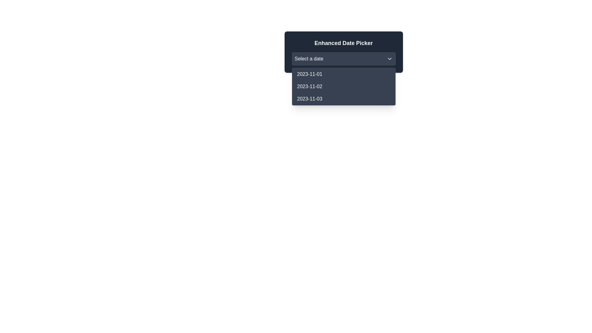 This screenshot has width=592, height=333. What do you see at coordinates (389, 59) in the screenshot?
I see `the SVG icon located to the far right of the 'Select a date' dropdown menu` at bounding box center [389, 59].